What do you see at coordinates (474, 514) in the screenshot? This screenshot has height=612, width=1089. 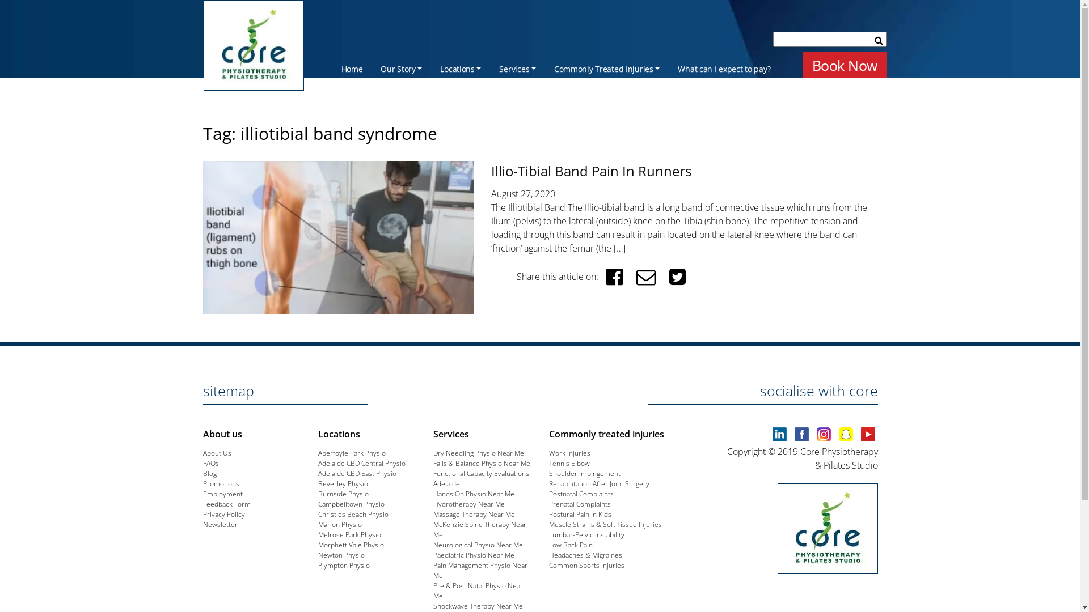 I see `'Massage Therapy Near Me'` at bounding box center [474, 514].